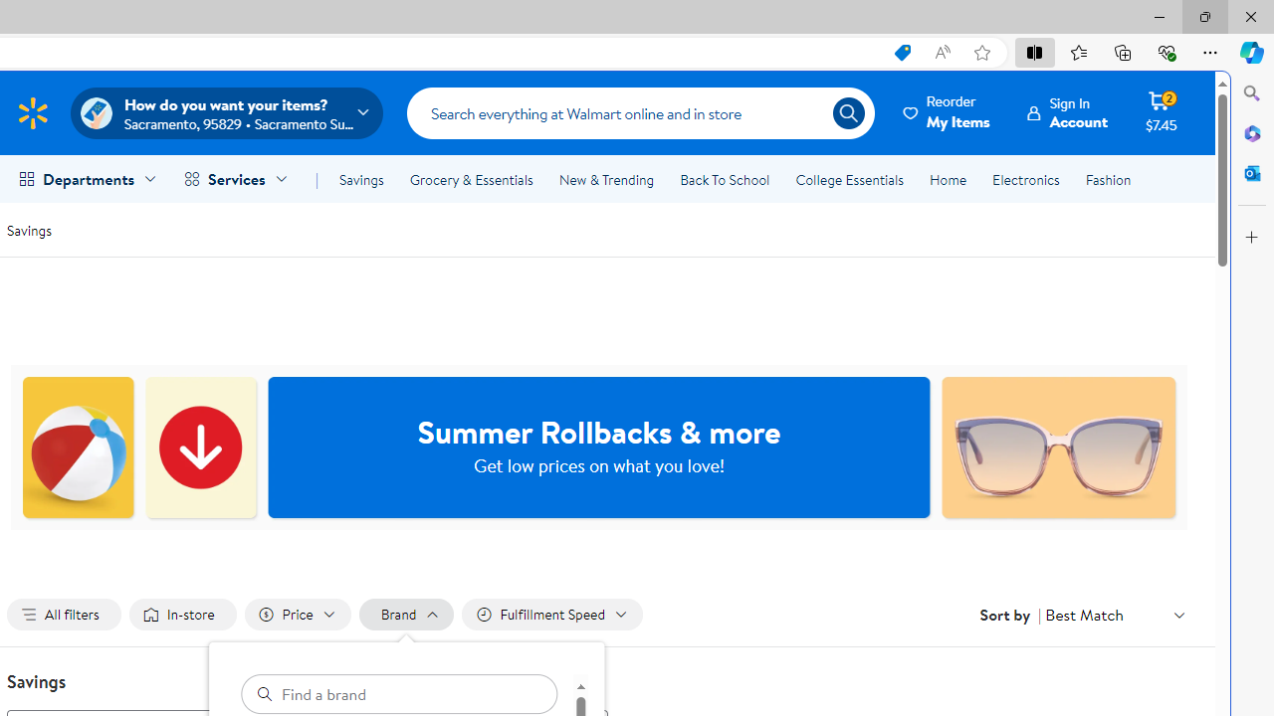  Describe the element at coordinates (1026, 180) in the screenshot. I see `'Electronics'` at that location.